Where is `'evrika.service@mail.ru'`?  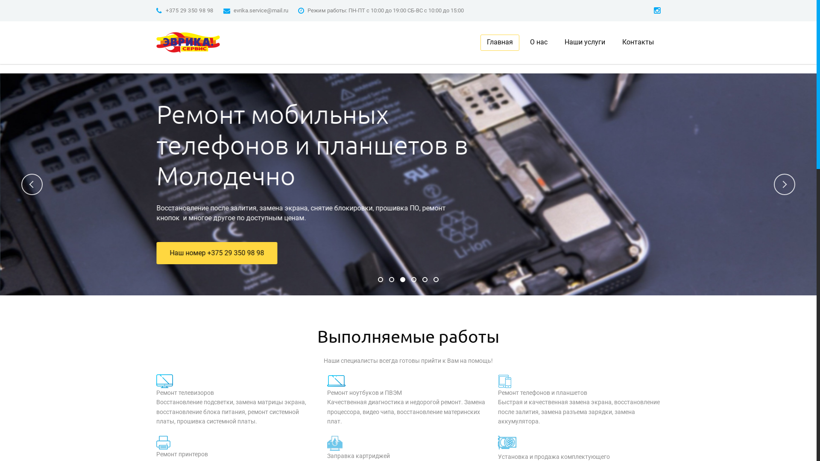
'evrika.service@mail.ru' is located at coordinates (260, 10).